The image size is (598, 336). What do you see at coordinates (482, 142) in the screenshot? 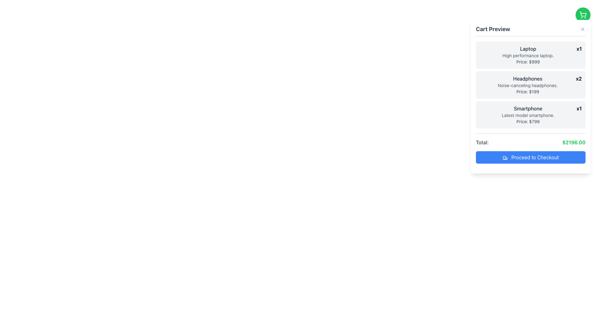
I see `the text label displaying 'Total:' in medium gray font, located at the bottom-left corner of the cart summary section` at bounding box center [482, 142].